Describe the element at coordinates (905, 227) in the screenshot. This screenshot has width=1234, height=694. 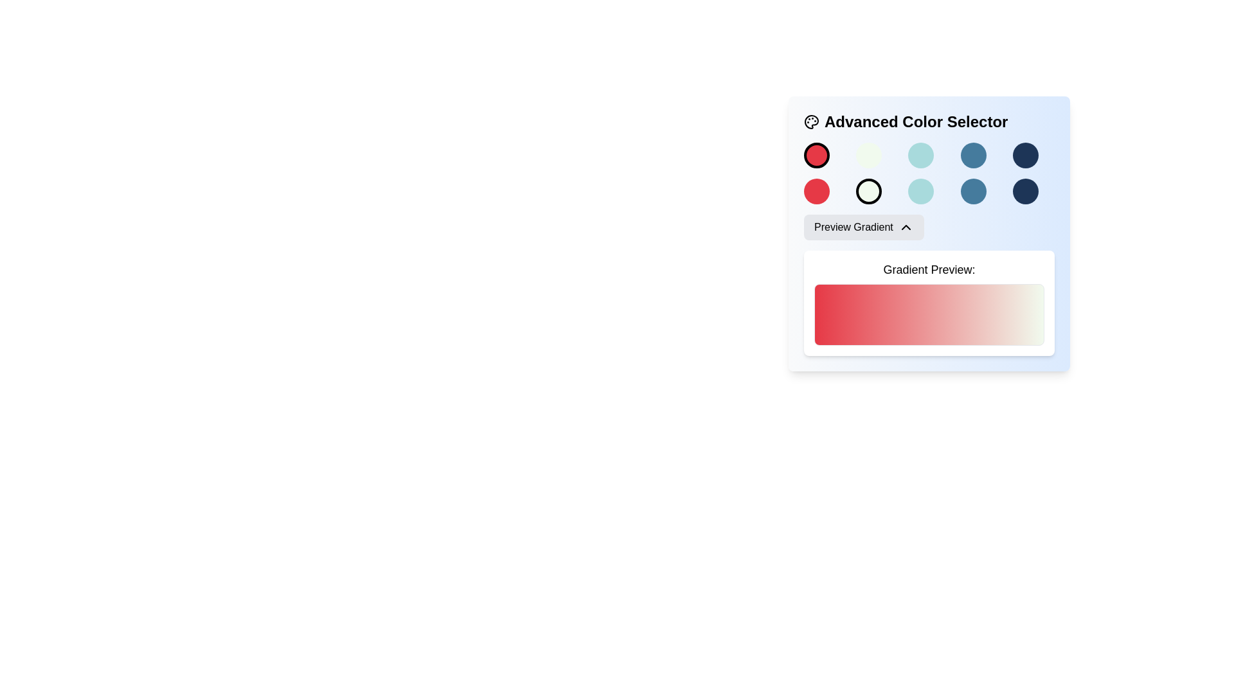
I see `the downward-pointing chevron icon styled with a black stroke, located to the right of the 'Preview Gradient' text` at that location.